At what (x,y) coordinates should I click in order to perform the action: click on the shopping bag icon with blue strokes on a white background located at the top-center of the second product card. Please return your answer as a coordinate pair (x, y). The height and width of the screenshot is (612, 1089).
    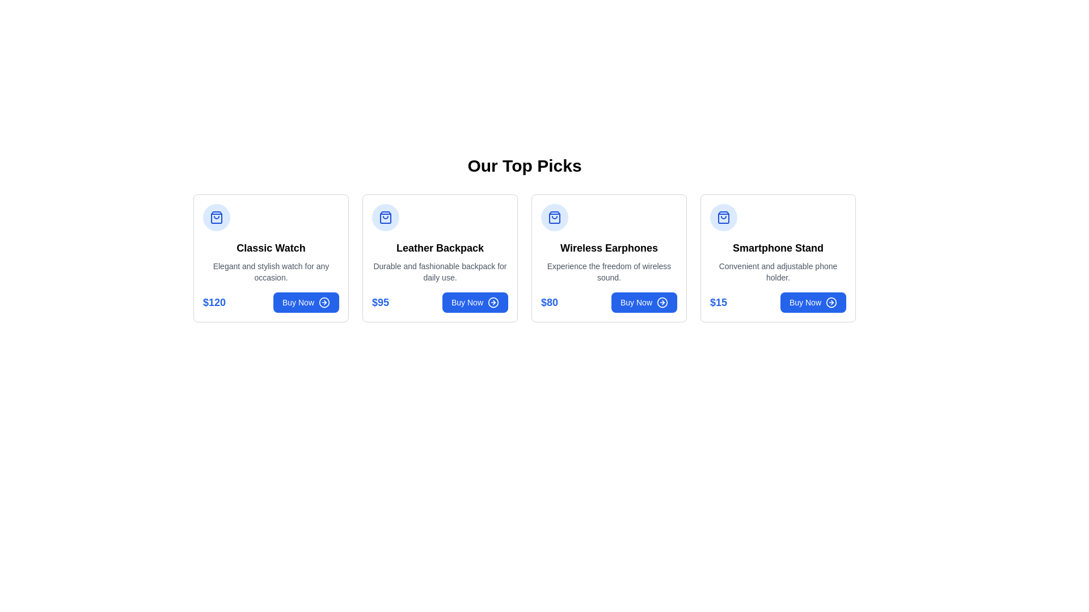
    Looking at the image, I should click on (723, 218).